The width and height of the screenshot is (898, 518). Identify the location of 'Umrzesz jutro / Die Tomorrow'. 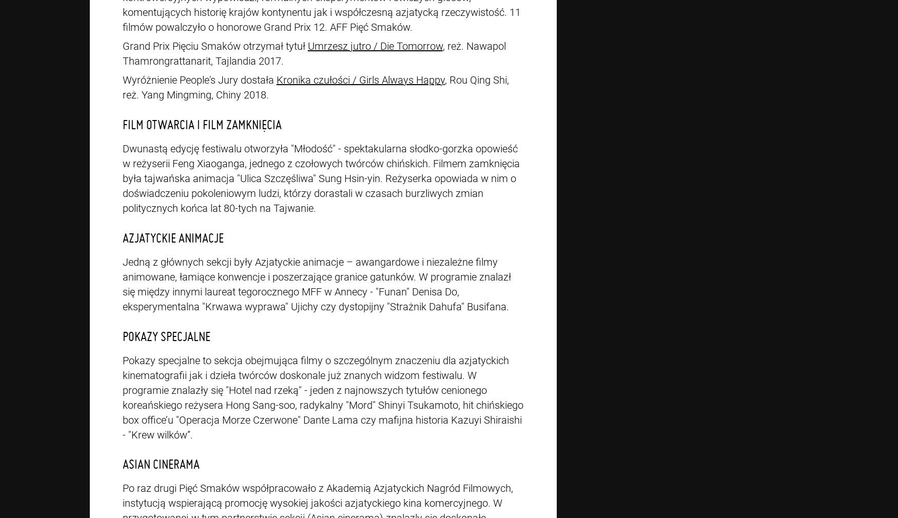
(375, 45).